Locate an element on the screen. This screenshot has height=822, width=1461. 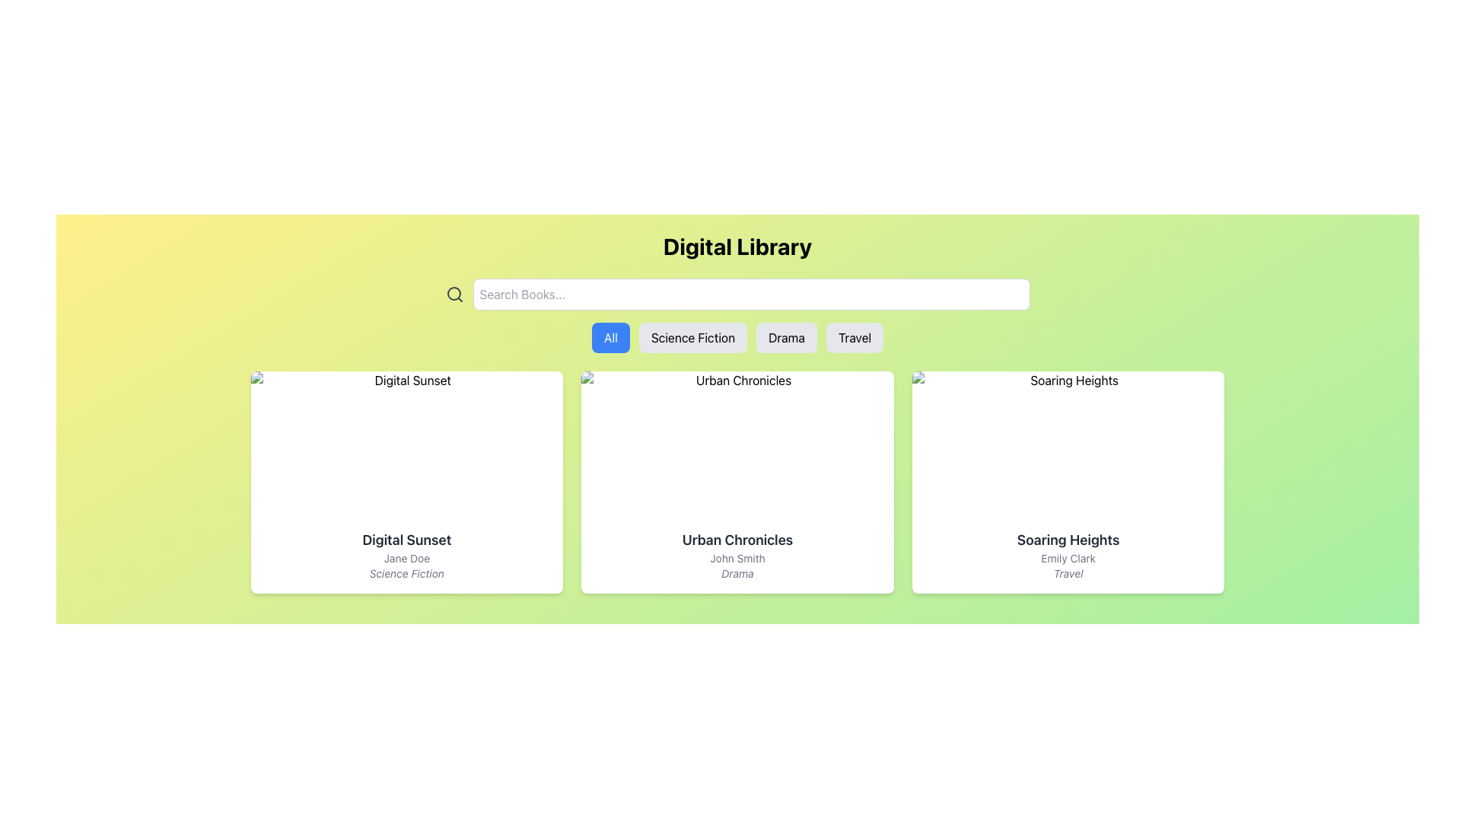
the text block containing the title 'Digital Sunset', author 'Jane Doe', and genre 'Science Fiction', which is located below an image placeholder in the first column of a horizontally aligned grid is located at coordinates (406, 555).